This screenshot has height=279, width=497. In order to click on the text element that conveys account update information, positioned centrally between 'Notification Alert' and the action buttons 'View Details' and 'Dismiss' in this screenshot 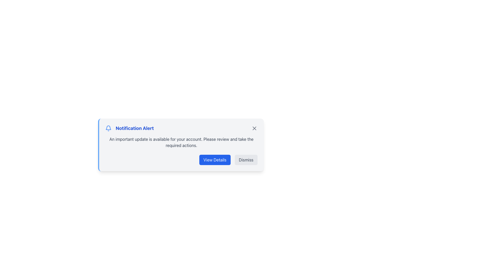, I will do `click(181, 142)`.